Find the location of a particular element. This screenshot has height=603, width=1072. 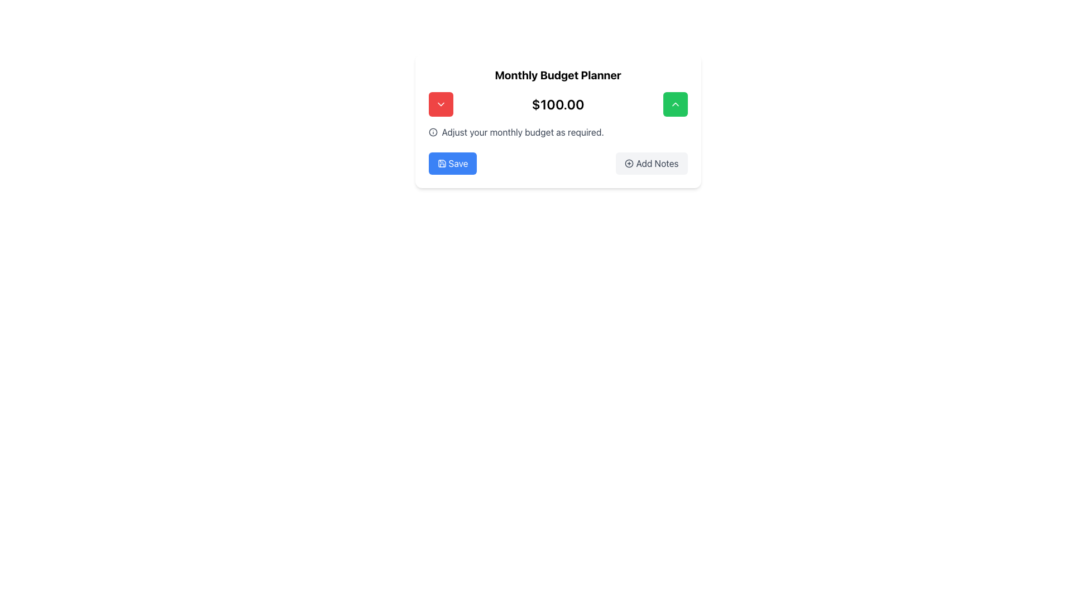

the information icon located directly to the left of the text 'Adjust your monthly budget as required.' is located at coordinates (432, 131).